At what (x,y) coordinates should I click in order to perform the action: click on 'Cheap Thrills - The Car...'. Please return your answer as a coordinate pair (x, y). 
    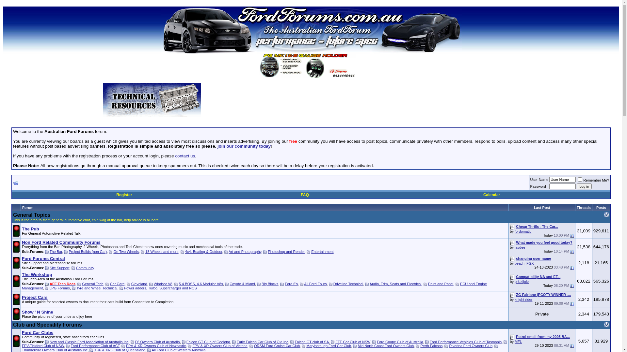
    Looking at the image, I should click on (537, 226).